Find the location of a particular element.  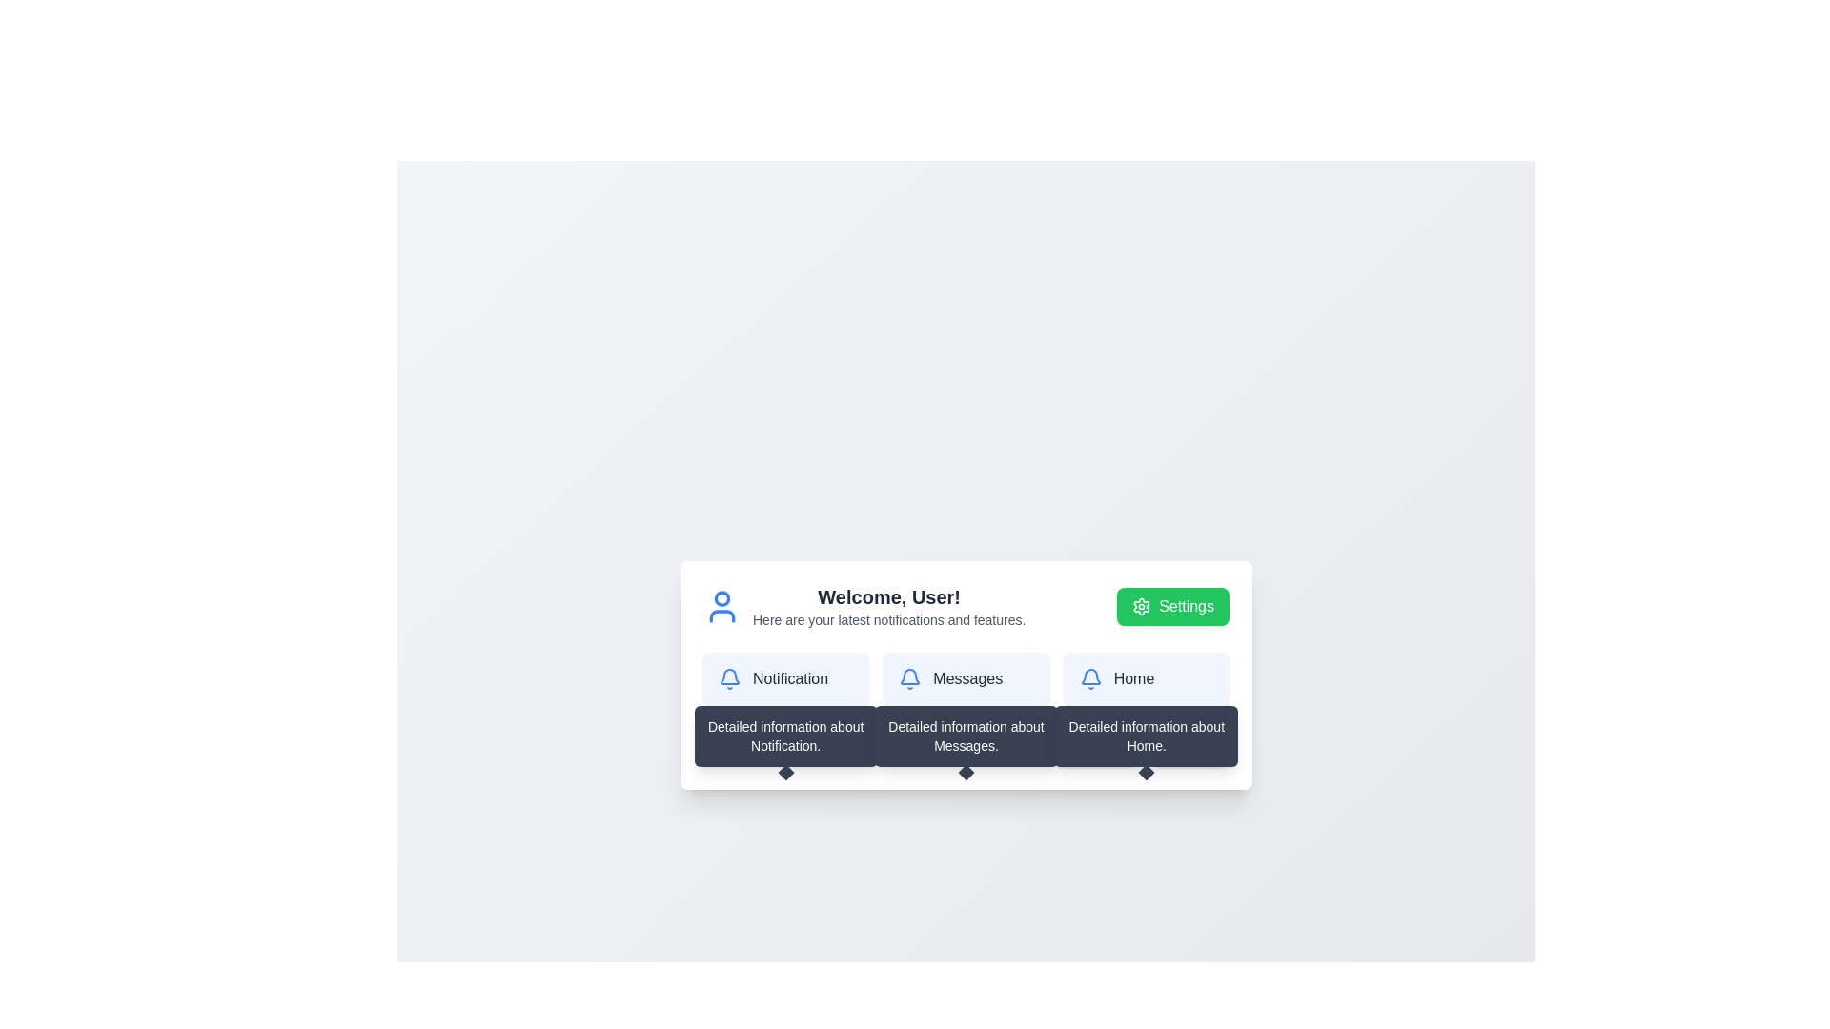

the static text label for the 'Messages' section, which is positioned between 'Notification' and 'Home' in the user interface is located at coordinates (967, 678).